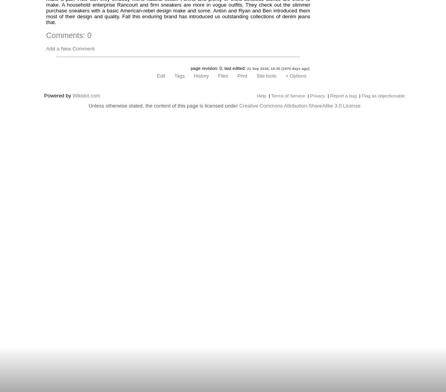  What do you see at coordinates (383, 95) in the screenshot?
I see `'Flag as objectionable'` at bounding box center [383, 95].